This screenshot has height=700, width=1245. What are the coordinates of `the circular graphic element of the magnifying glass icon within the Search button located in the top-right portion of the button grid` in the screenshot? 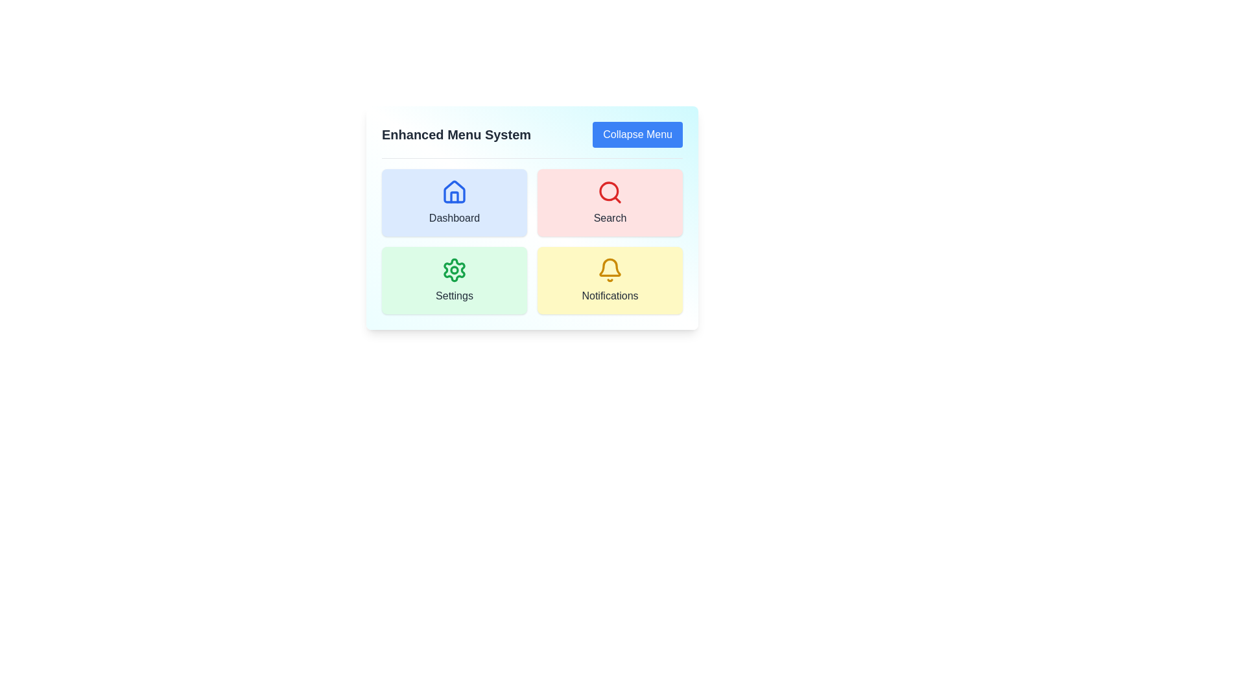 It's located at (608, 191).